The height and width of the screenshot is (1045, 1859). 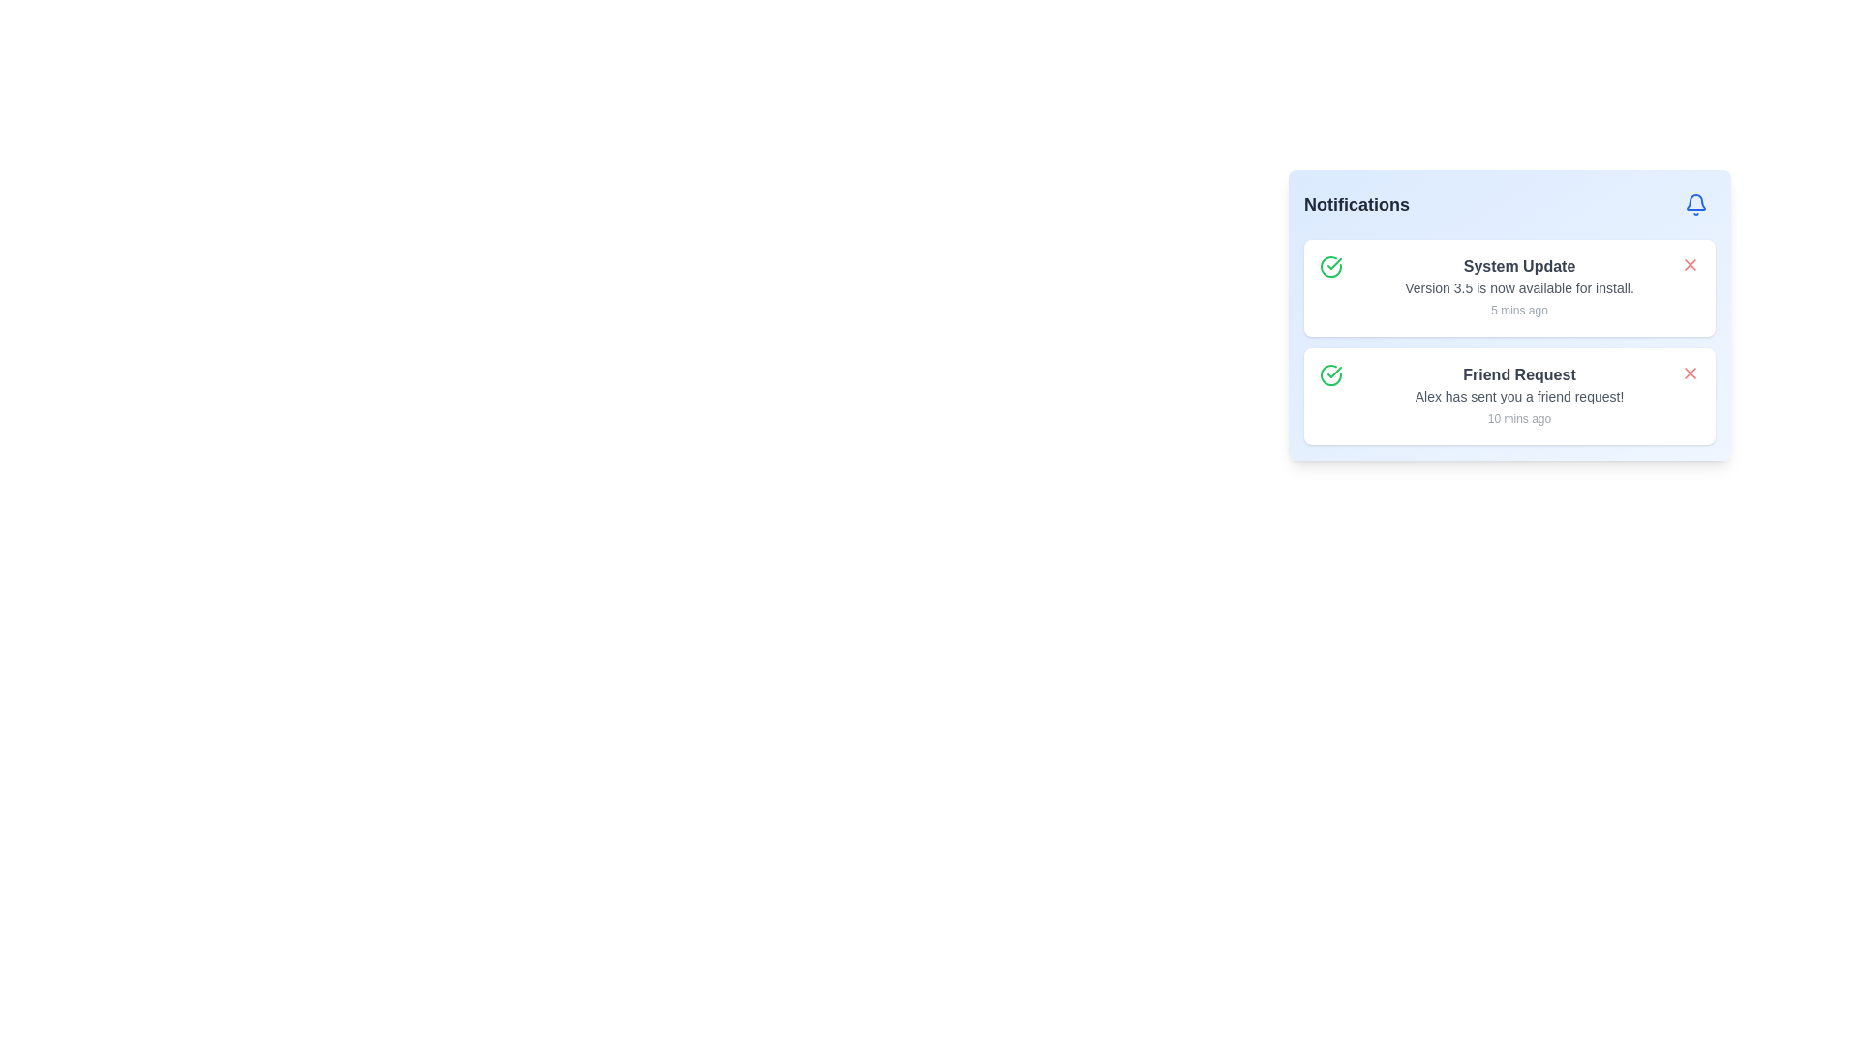 What do you see at coordinates (1518, 267) in the screenshot?
I see `text from the title of the 'System Update' notification, which is located at the top-left corner of the details section within the notification card` at bounding box center [1518, 267].